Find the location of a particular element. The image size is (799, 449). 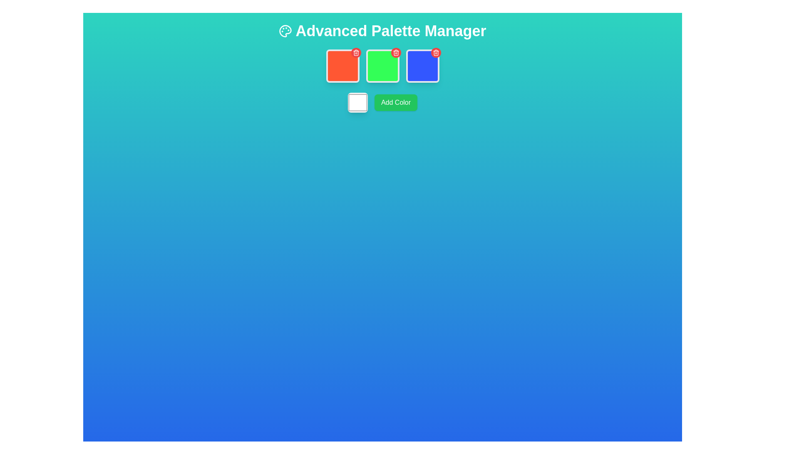

the graphical icon representing a palette located near the top-left of the interface, adjacent to the text title 'Advanced Palette Manager' is located at coordinates (285, 30).